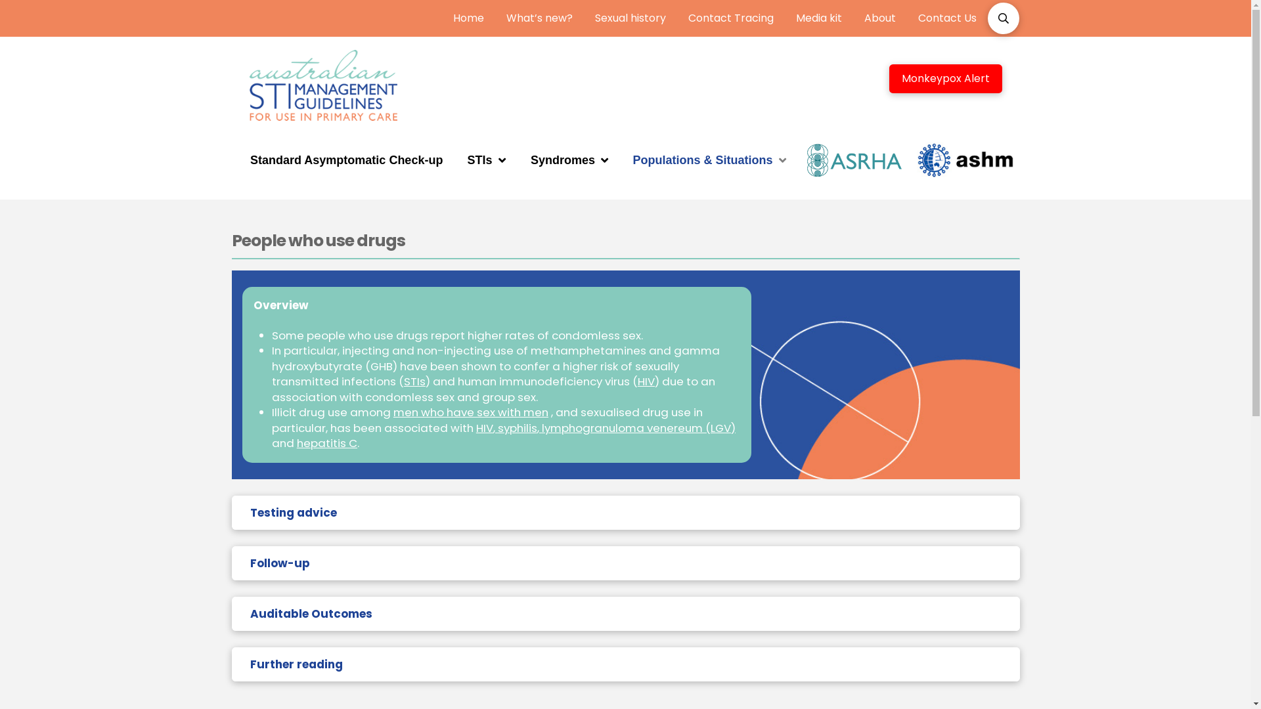  What do you see at coordinates (411, 381) in the screenshot?
I see `'STI'` at bounding box center [411, 381].